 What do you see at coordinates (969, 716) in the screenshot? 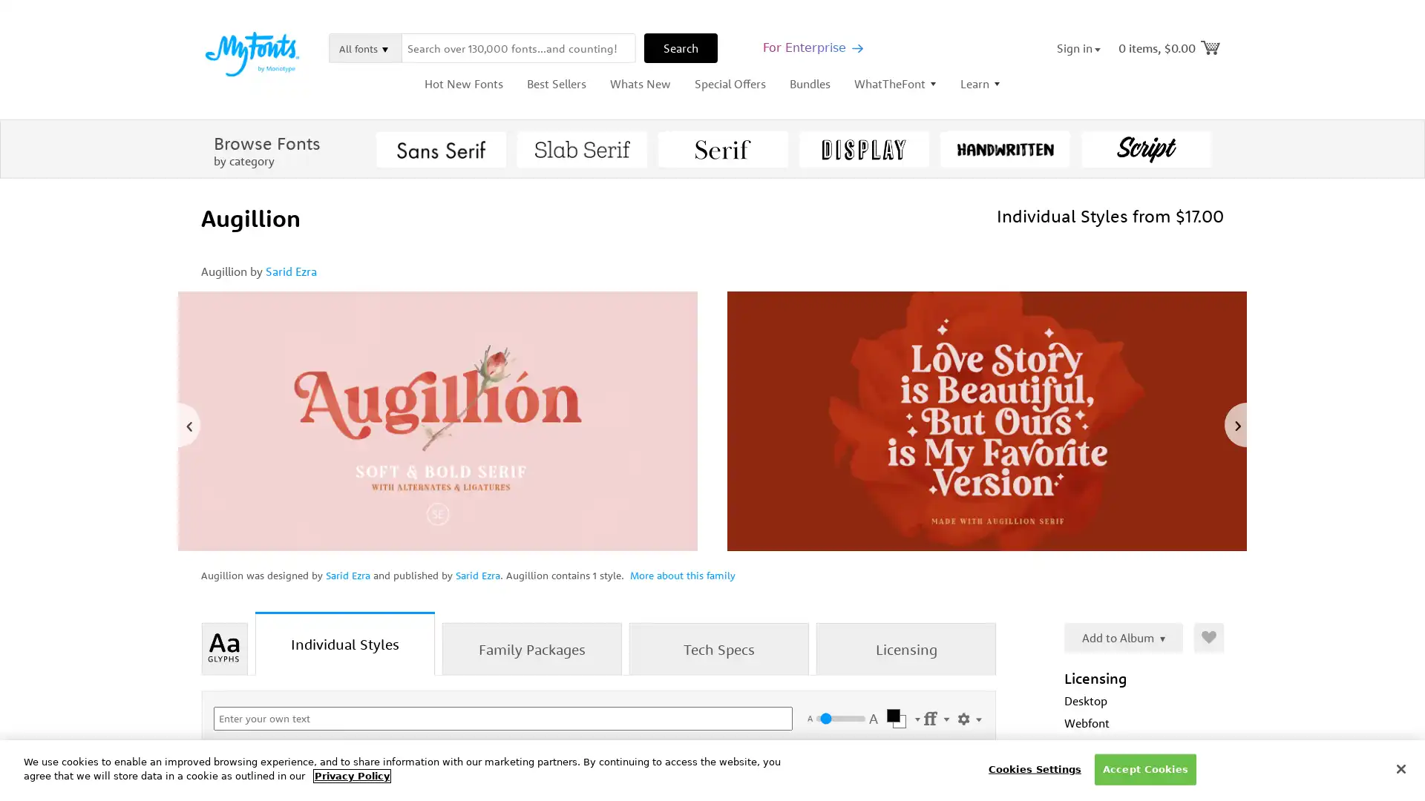
I see `Show Settings` at bounding box center [969, 716].